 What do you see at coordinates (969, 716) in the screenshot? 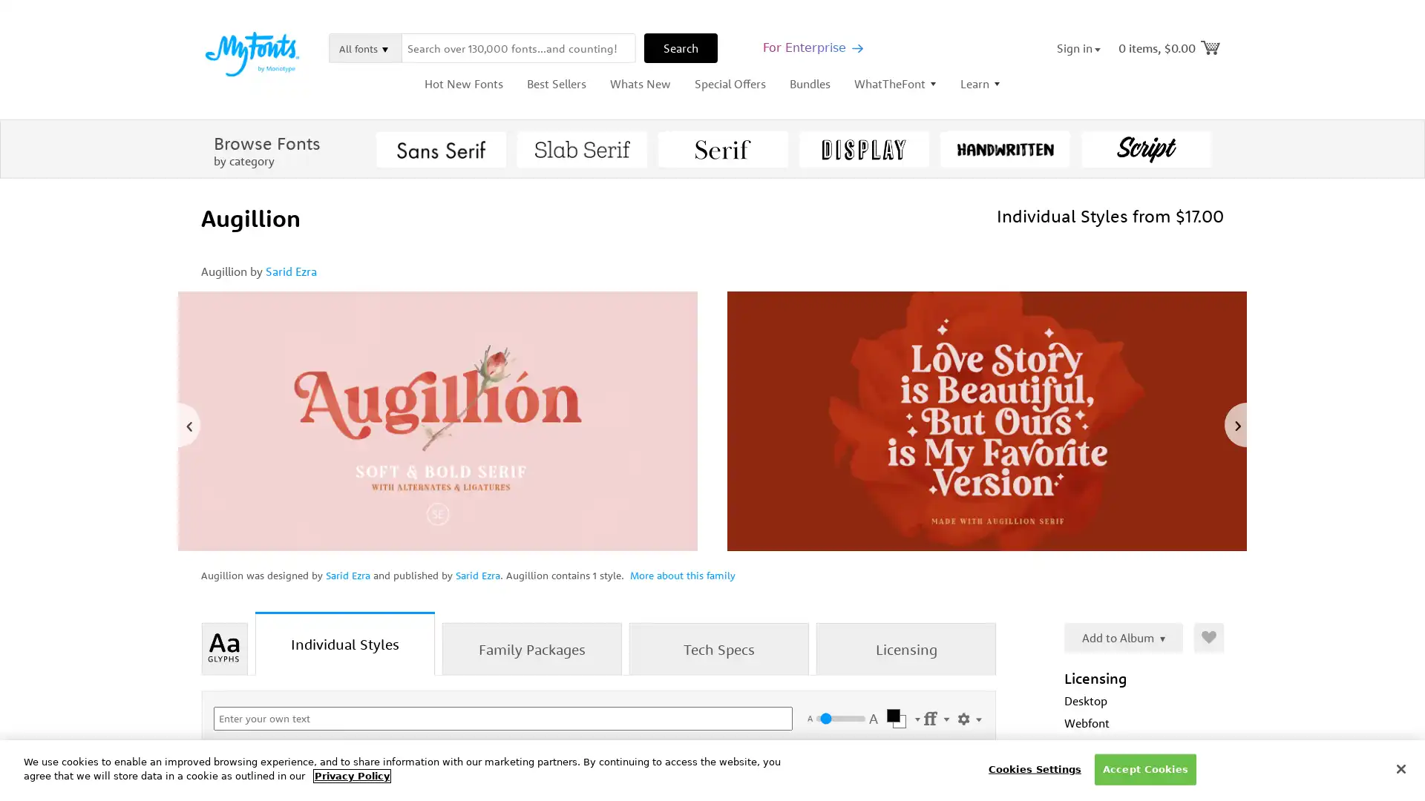
I see `Show Settings` at bounding box center [969, 716].